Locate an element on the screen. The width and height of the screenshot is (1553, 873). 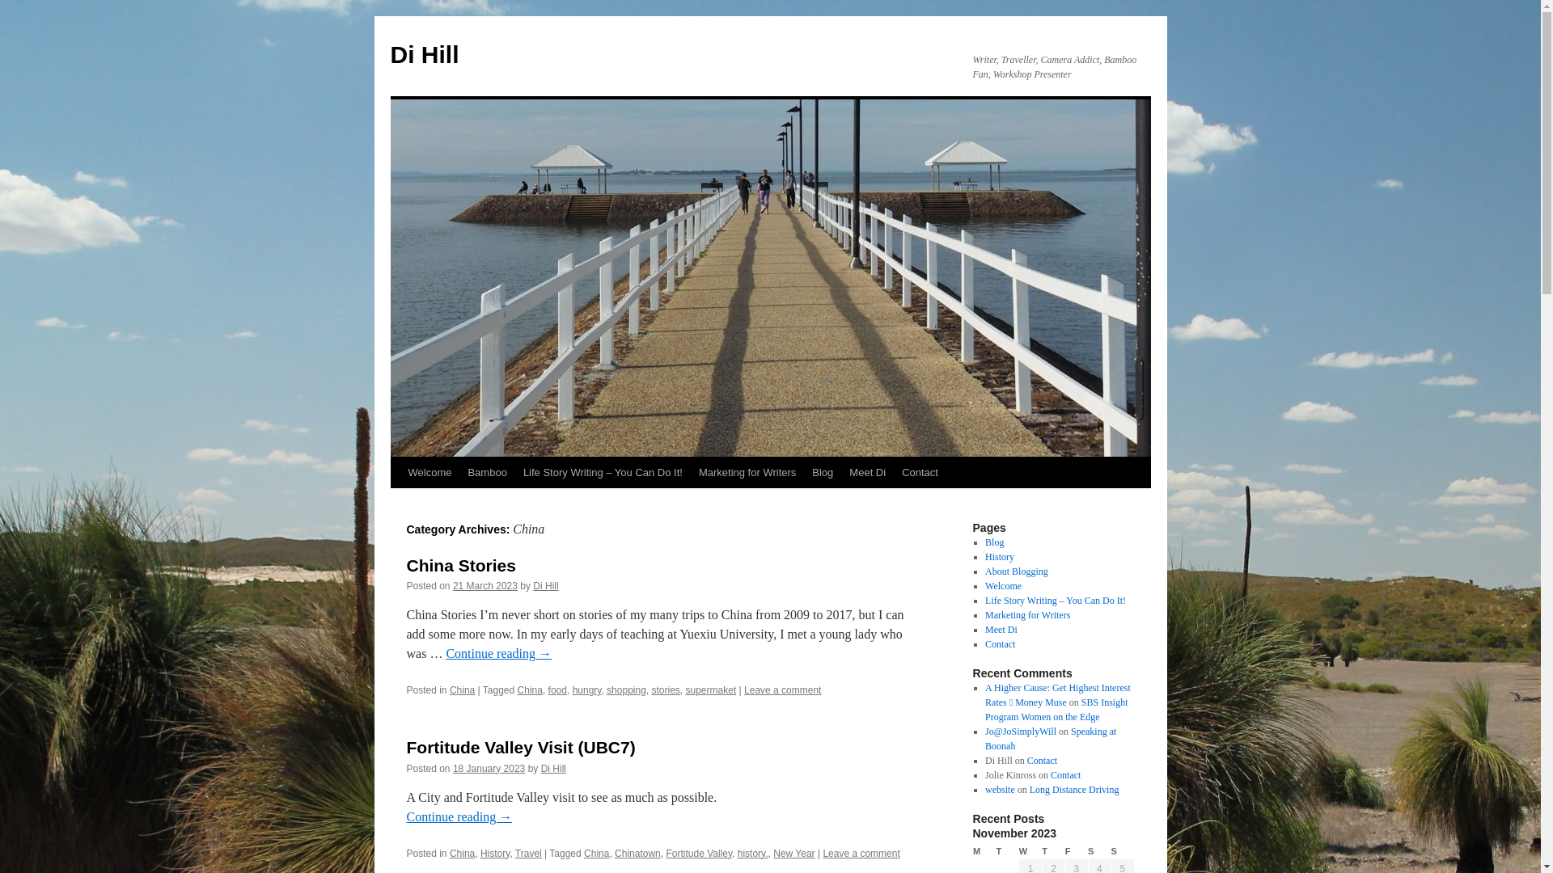
'food' is located at coordinates (557, 690).